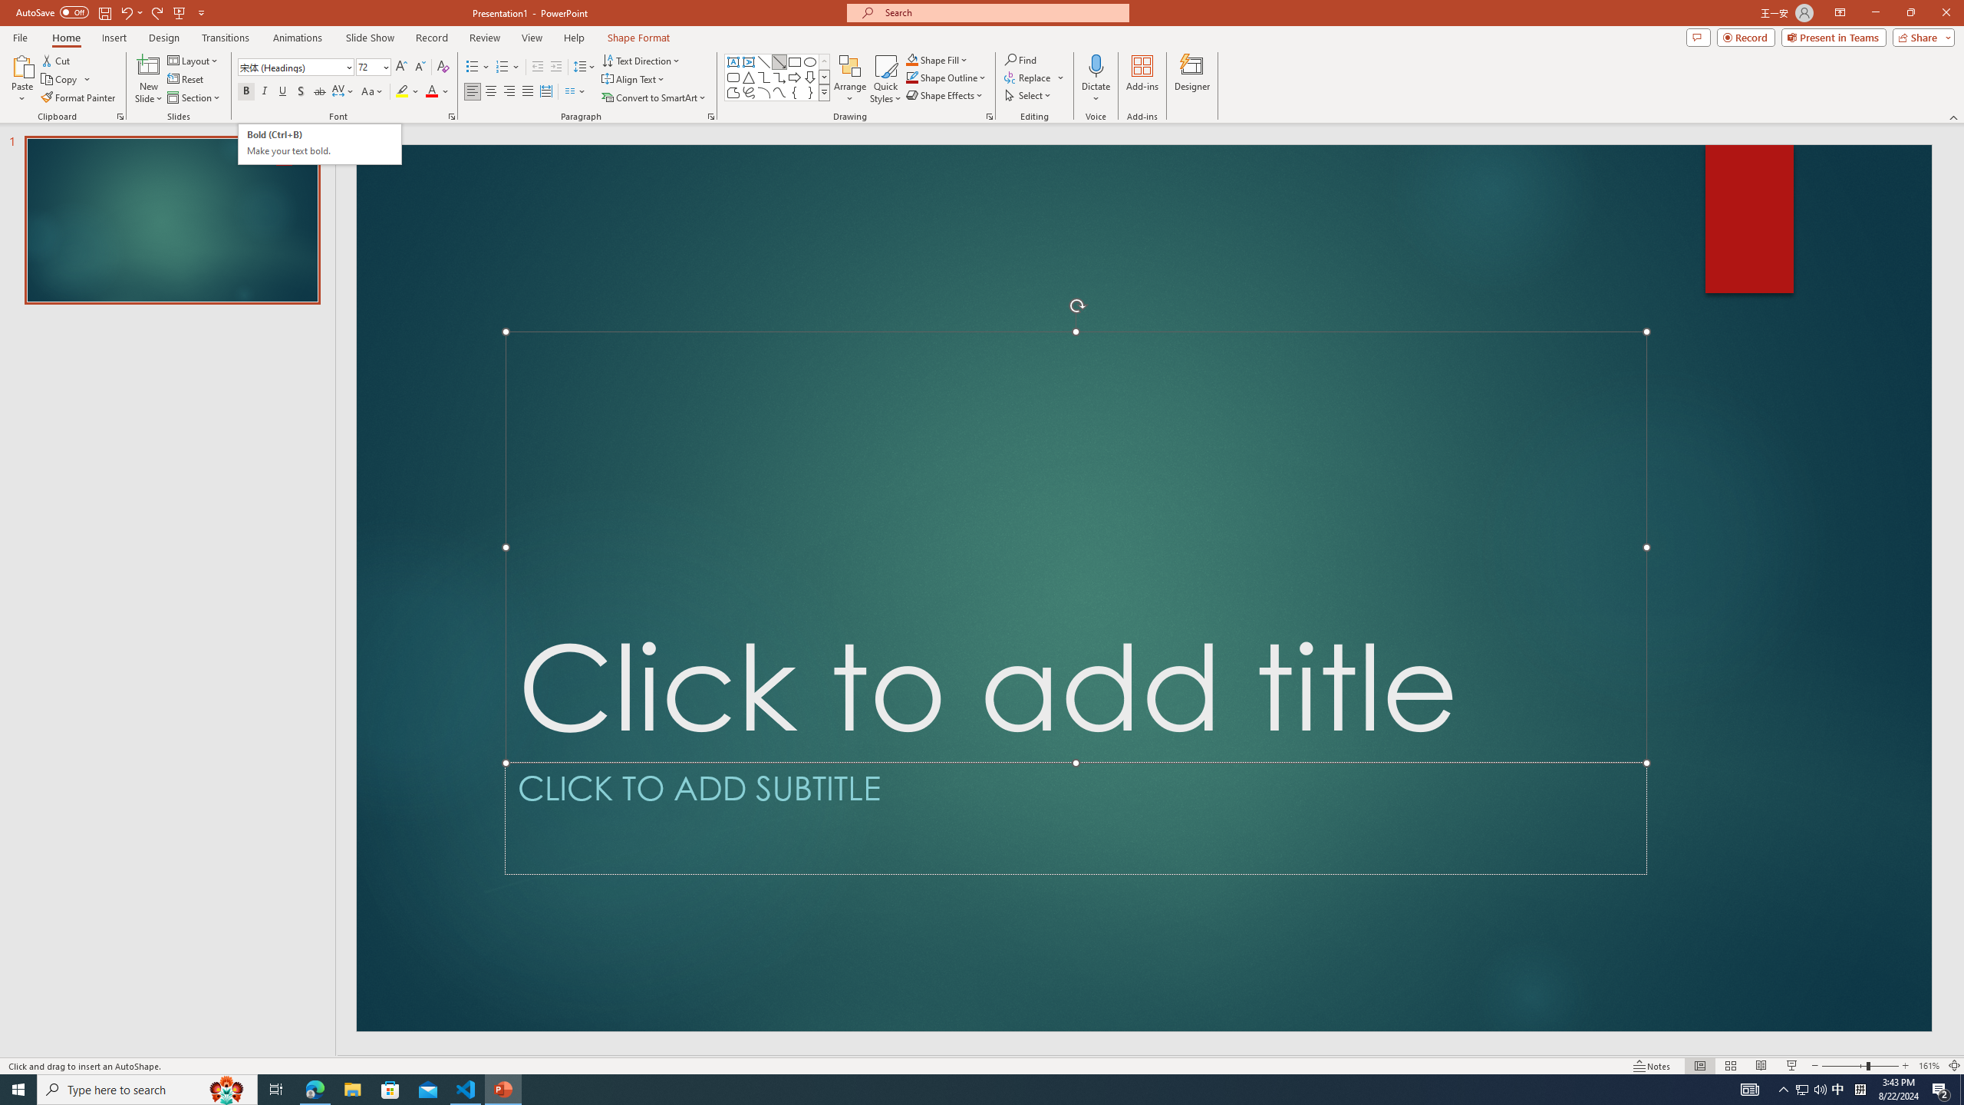  Describe the element at coordinates (478, 67) in the screenshot. I see `'Bullets'` at that location.